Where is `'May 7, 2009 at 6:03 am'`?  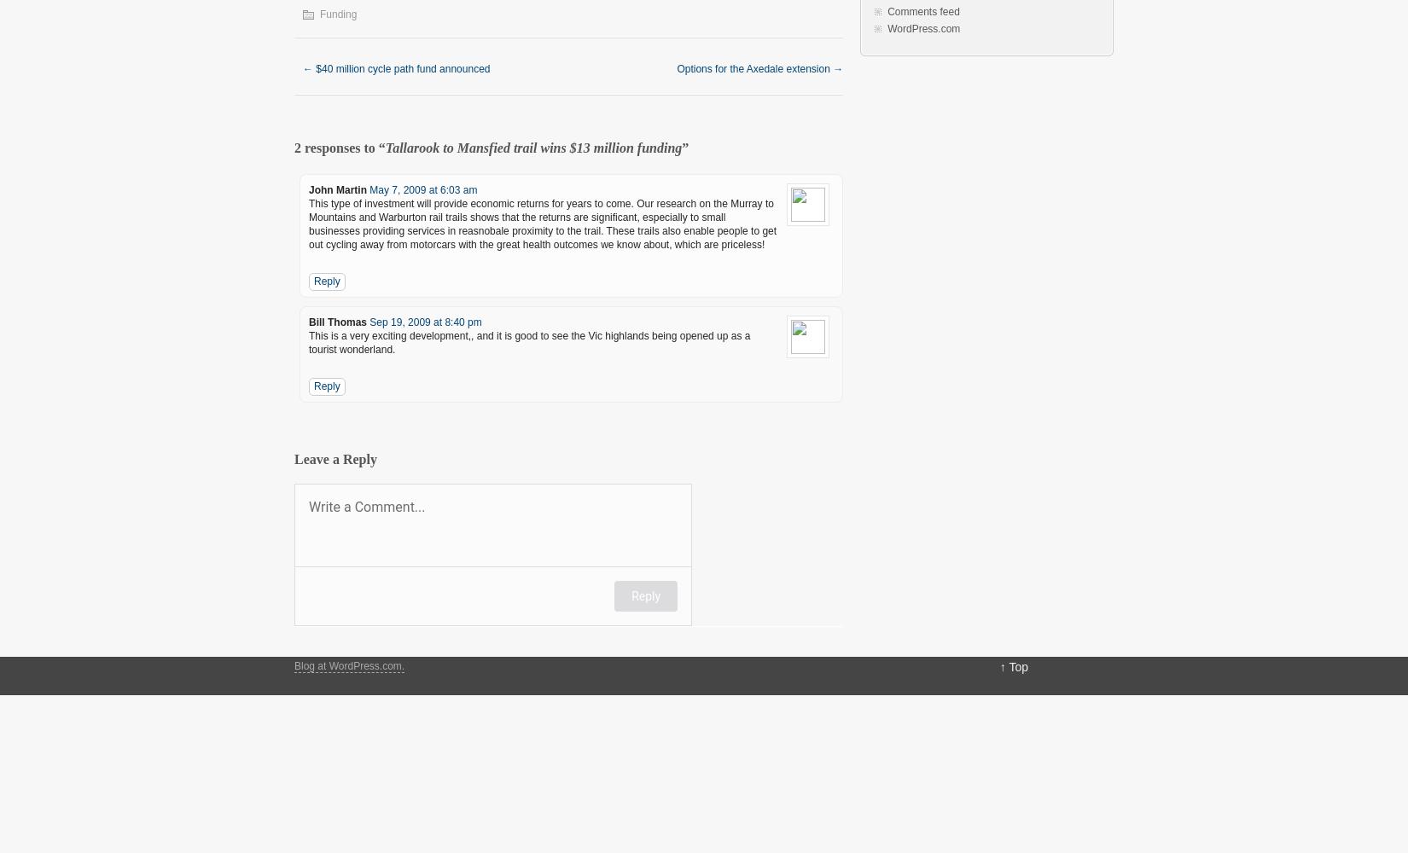 'May 7, 2009 at 6:03 am' is located at coordinates (422, 189).